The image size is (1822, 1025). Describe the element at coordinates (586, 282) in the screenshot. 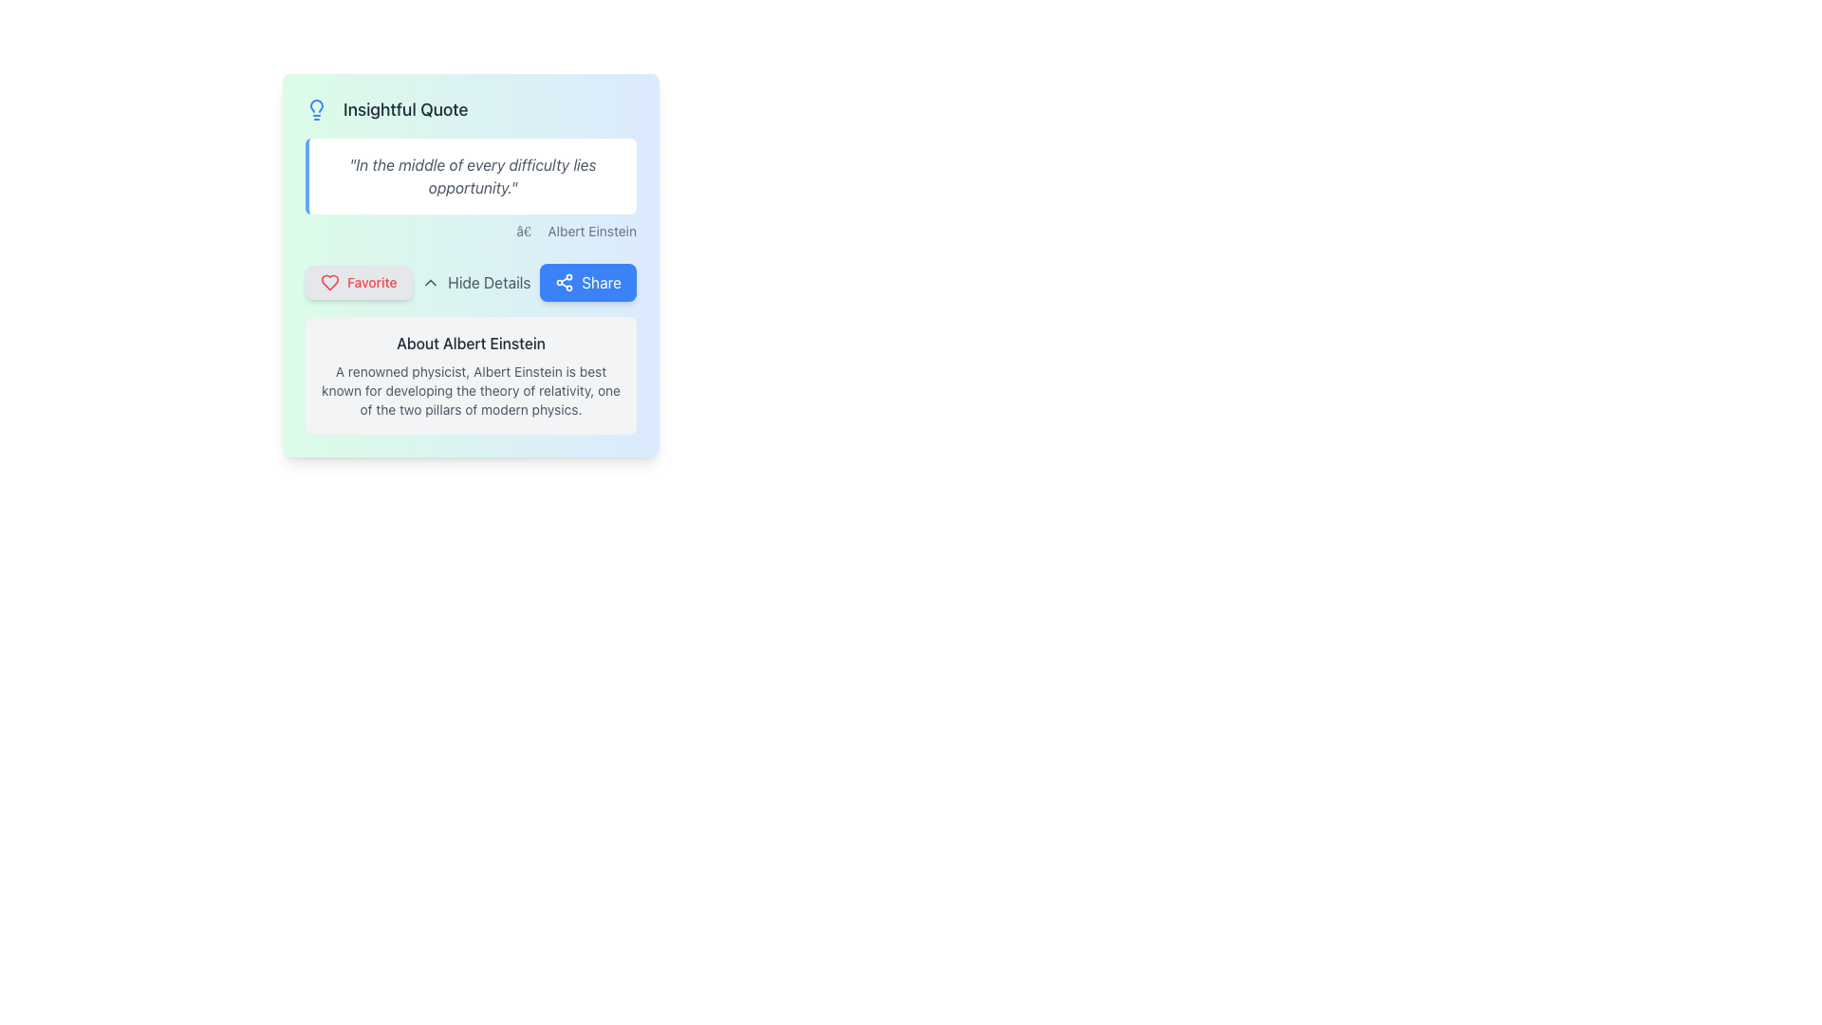

I see `the rounded rectangular blue 'Share' button` at that location.